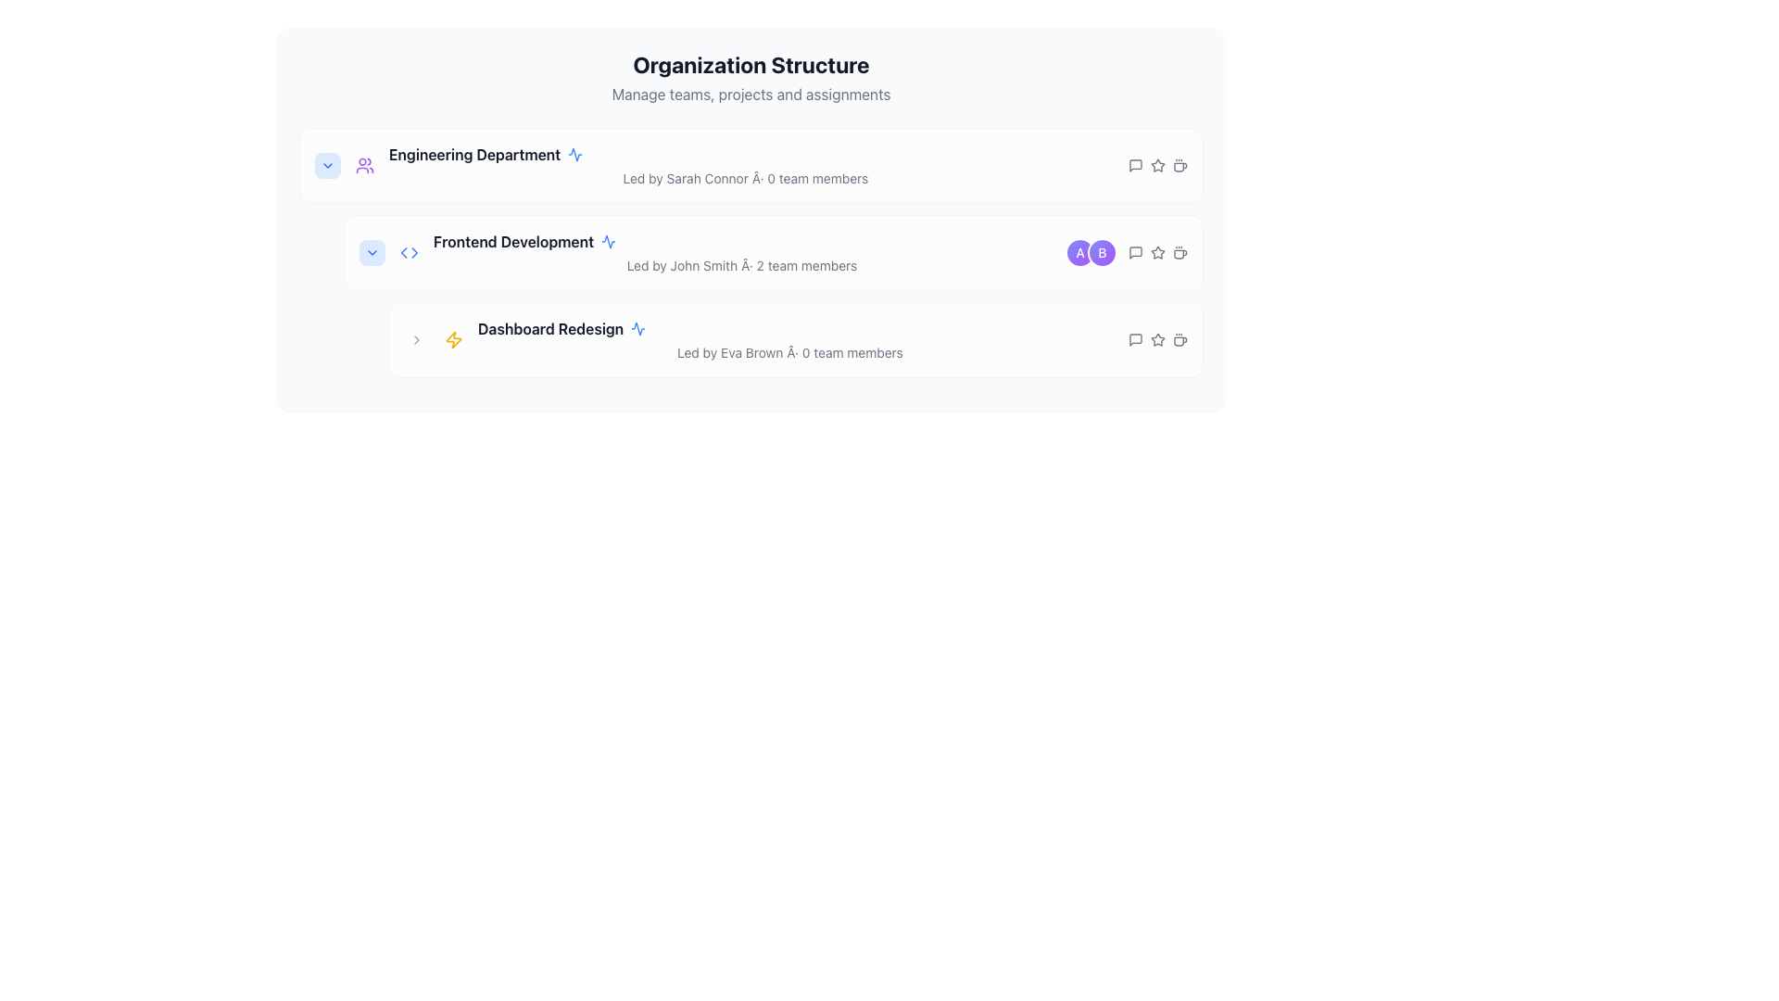 The height and width of the screenshot is (1001, 1779). What do you see at coordinates (408, 253) in the screenshot?
I see `the icon representing code or development-related tasks located in the 'Frontend Development' section, which is positioned after a dropdown button and before the title text 'Frontend Development'` at bounding box center [408, 253].